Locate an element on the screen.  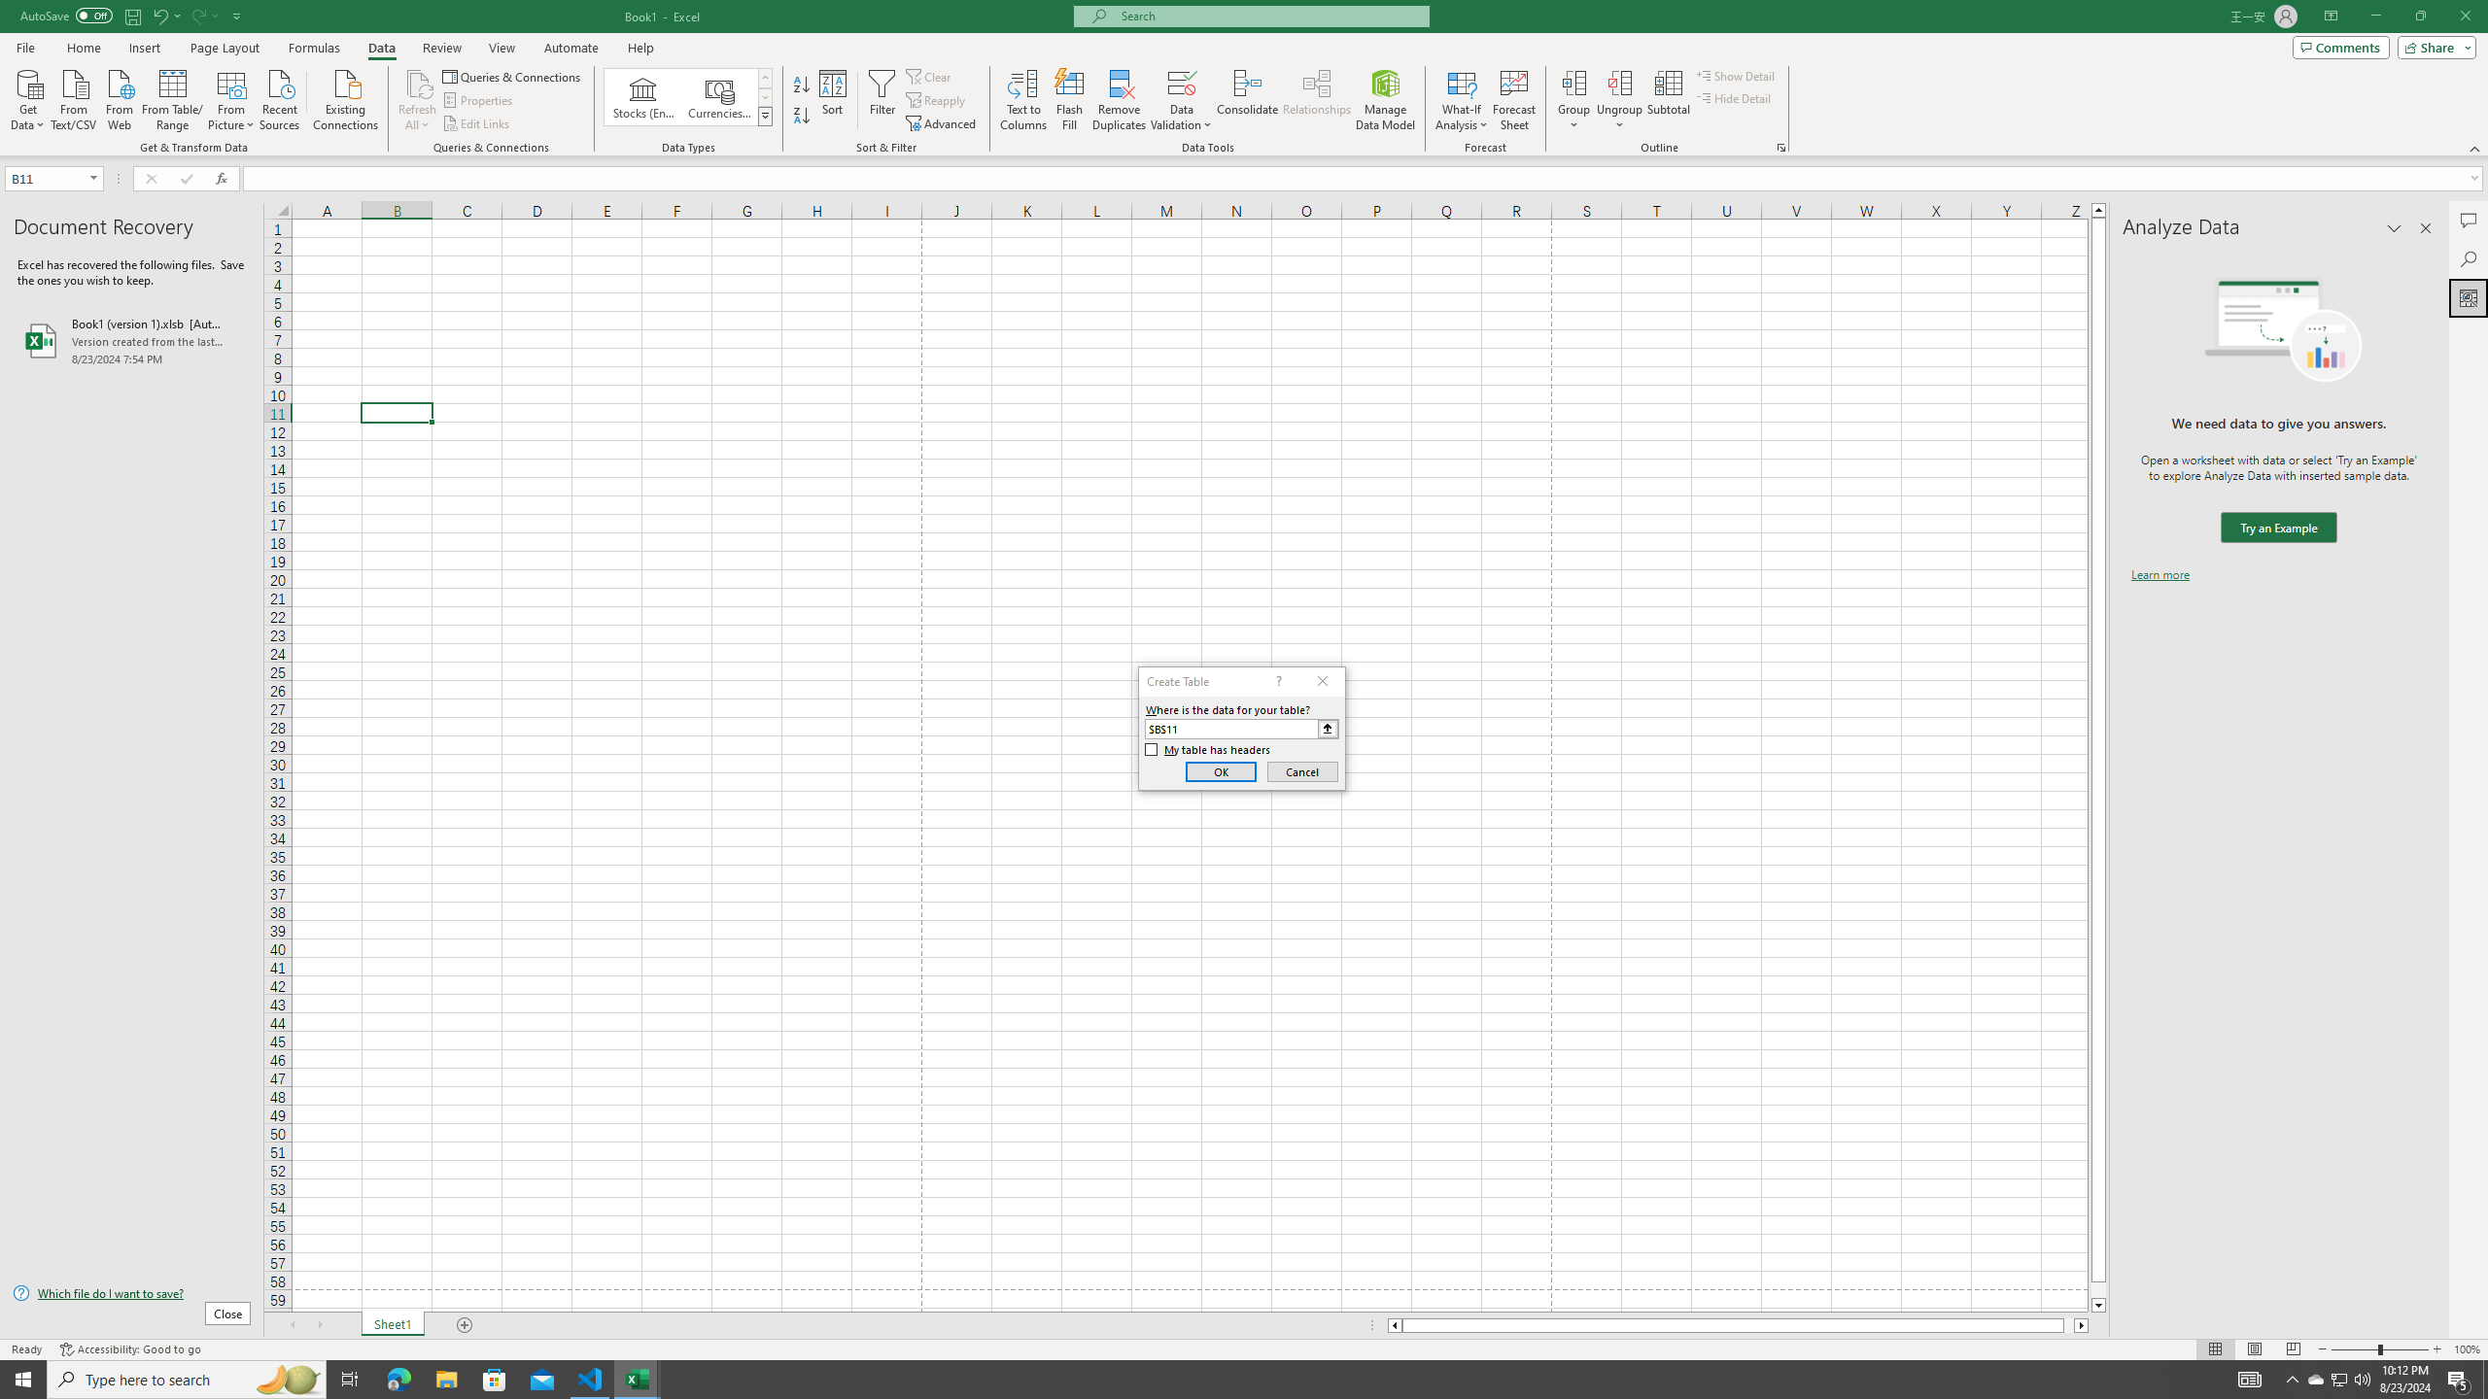
'Relationships' is located at coordinates (1316, 100).